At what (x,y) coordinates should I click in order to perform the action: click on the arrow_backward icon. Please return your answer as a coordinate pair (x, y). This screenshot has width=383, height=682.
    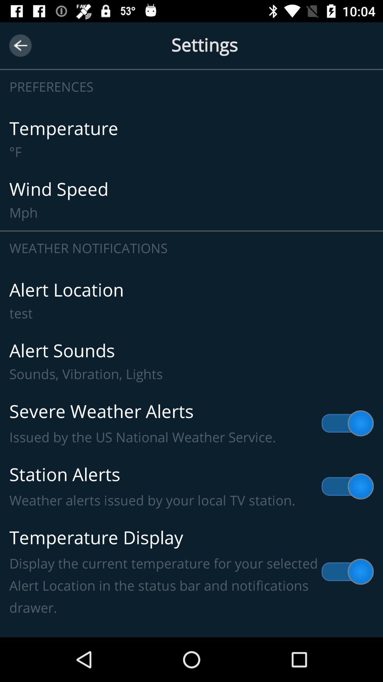
    Looking at the image, I should click on (20, 45).